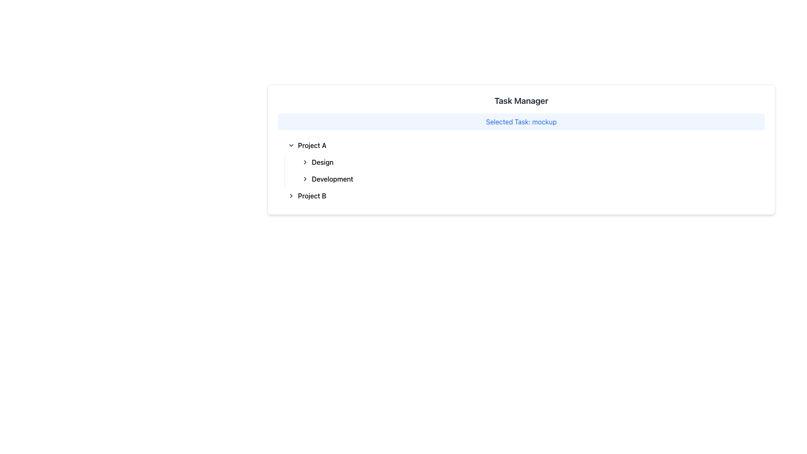 Image resolution: width=807 pixels, height=454 pixels. I want to click on the 'Project B' text label in the Task Manager section of the vertical navigation menu, so click(311, 196).